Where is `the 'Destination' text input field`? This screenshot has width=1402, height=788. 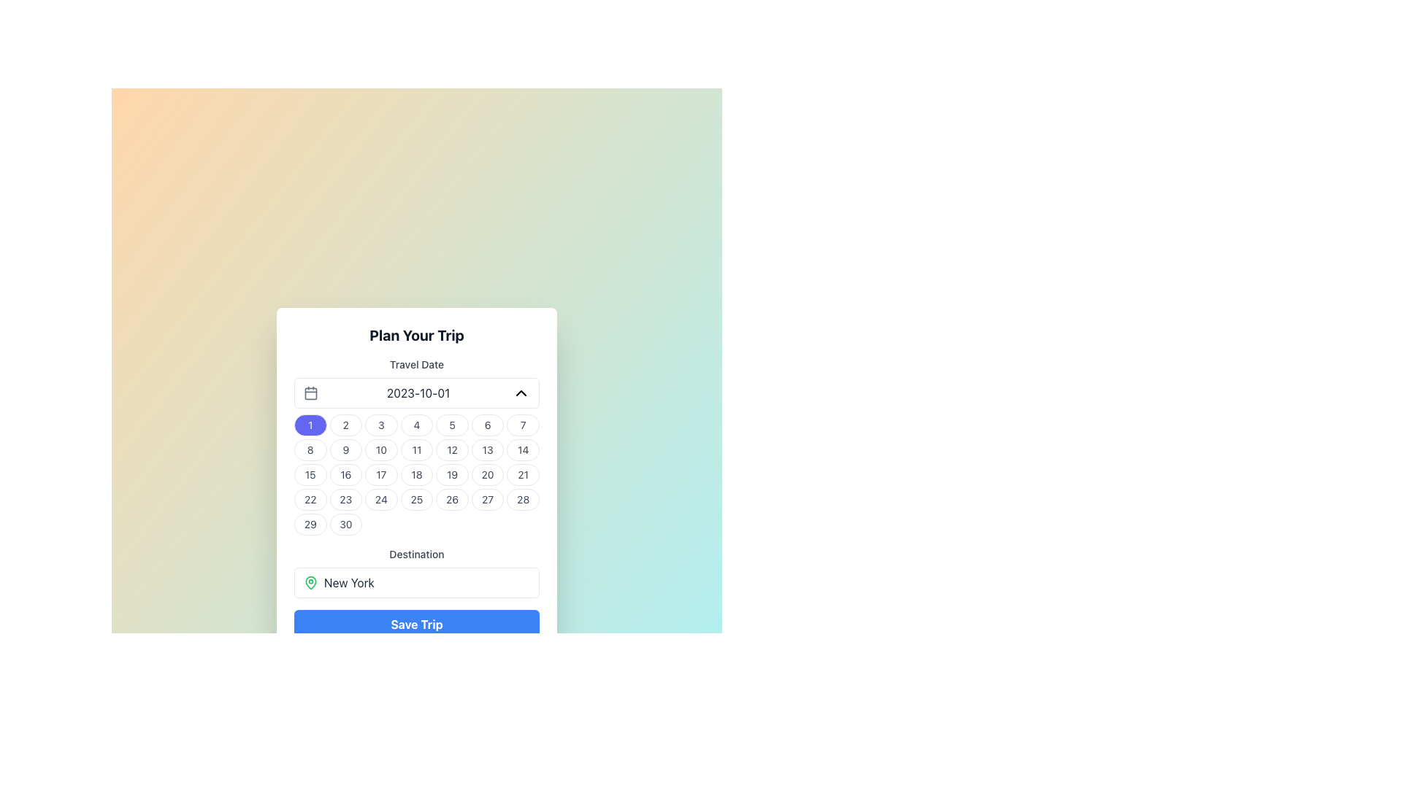 the 'Destination' text input field is located at coordinates (416, 572).